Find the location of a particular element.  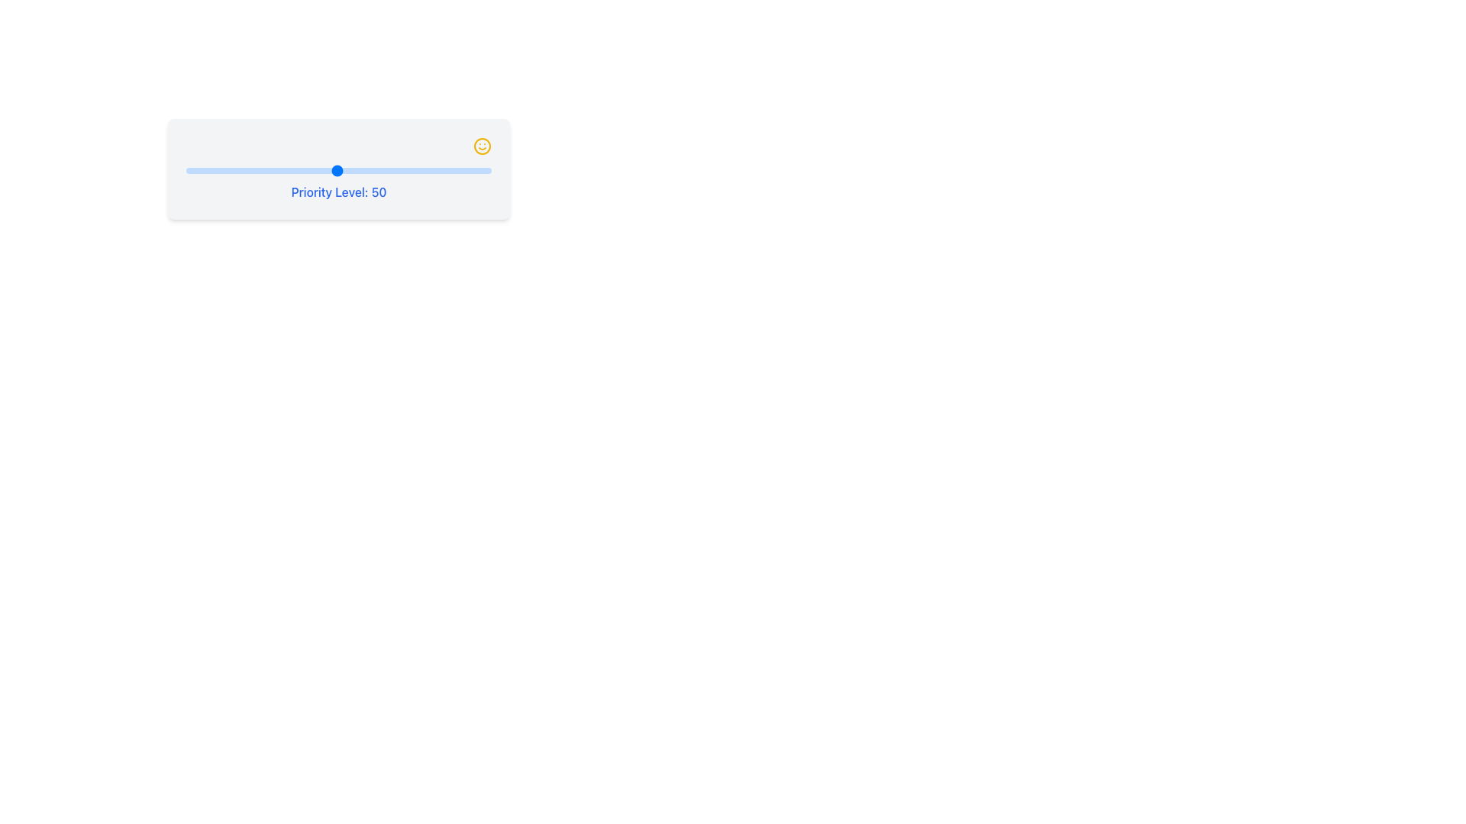

the priority level is located at coordinates (414, 170).